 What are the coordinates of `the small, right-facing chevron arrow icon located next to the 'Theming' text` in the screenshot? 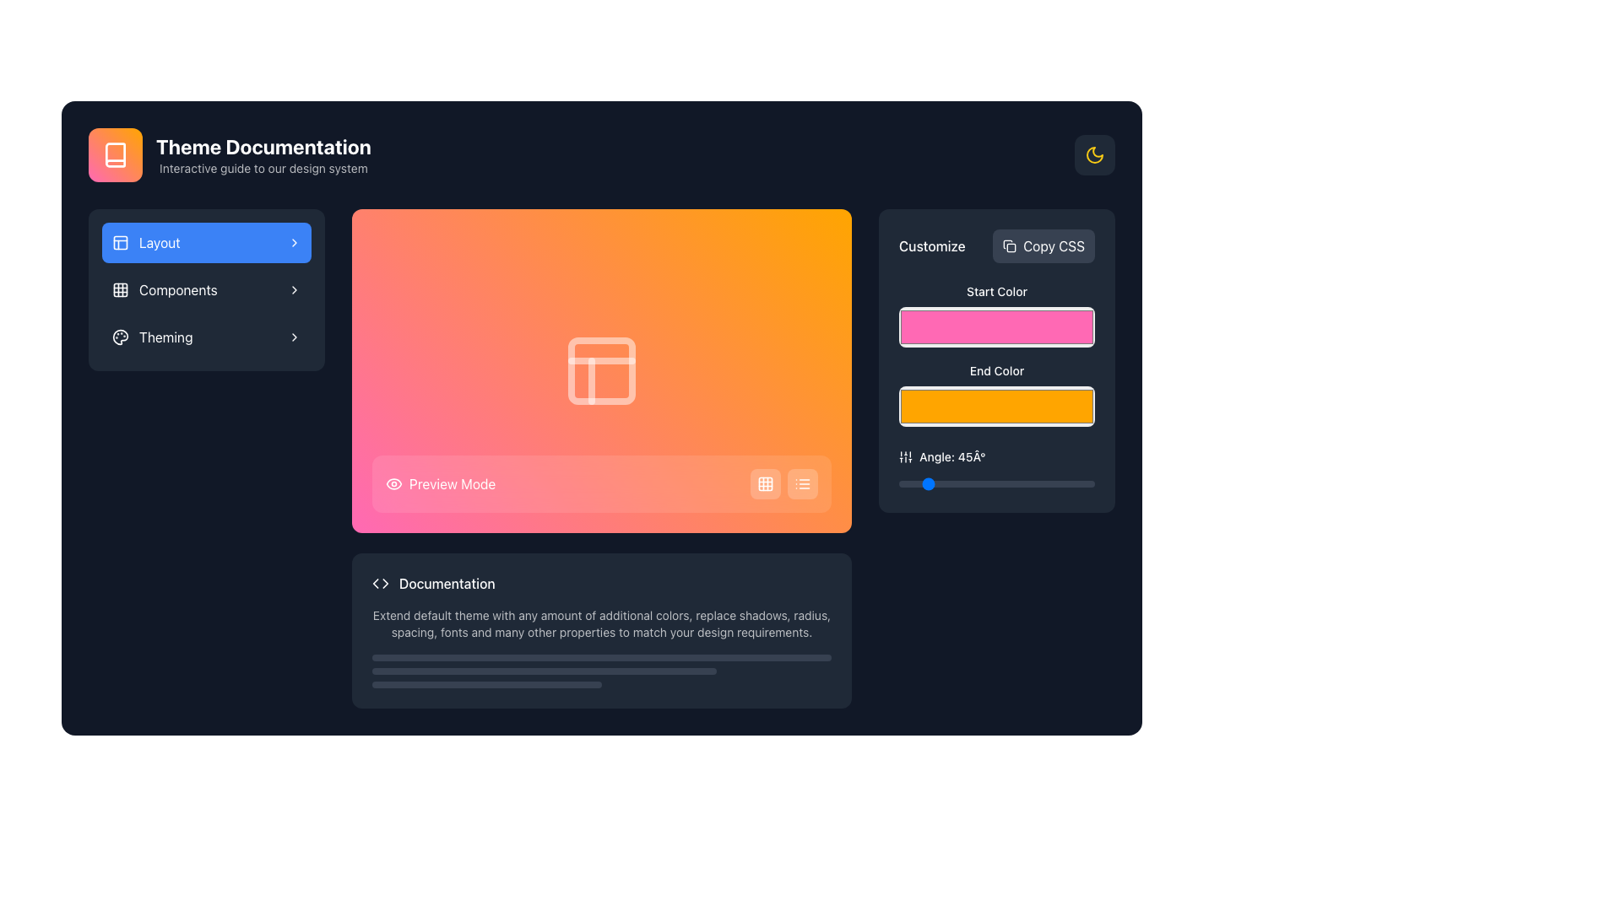 It's located at (295, 337).